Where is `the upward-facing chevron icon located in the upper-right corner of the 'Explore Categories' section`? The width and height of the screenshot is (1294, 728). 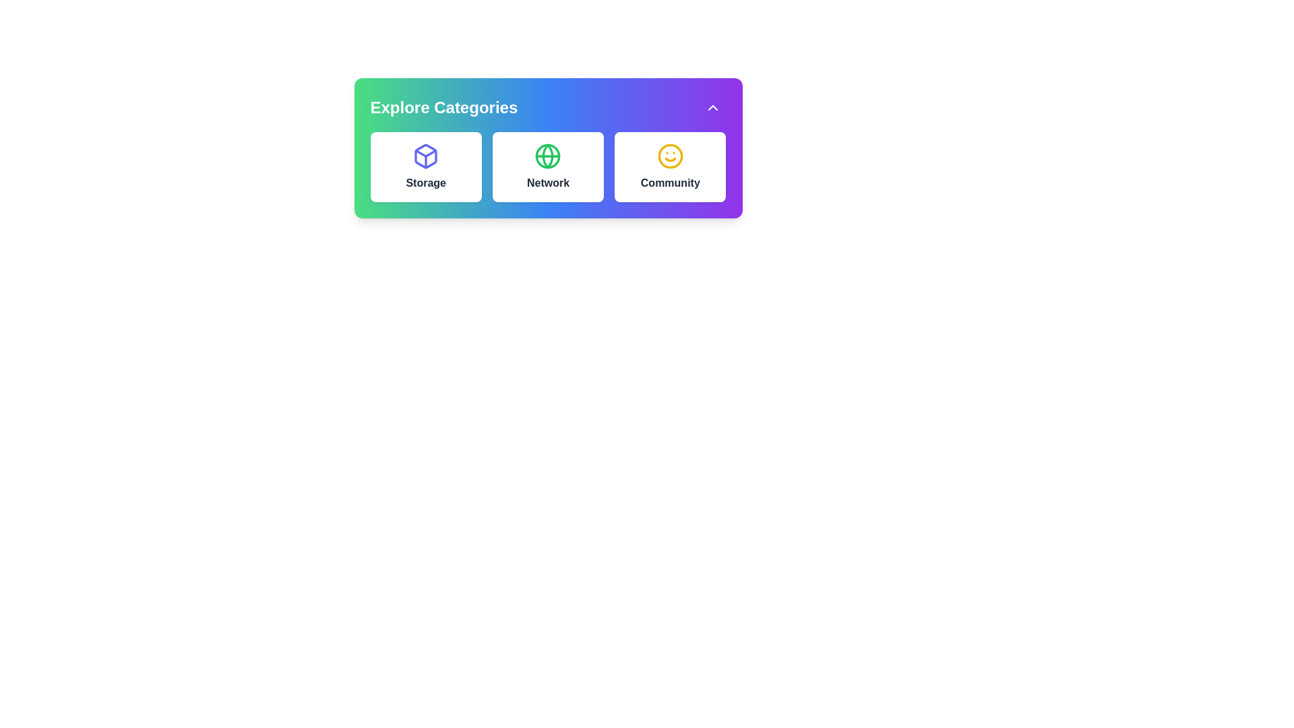
the upward-facing chevron icon located in the upper-right corner of the 'Explore Categories' section is located at coordinates (712, 107).